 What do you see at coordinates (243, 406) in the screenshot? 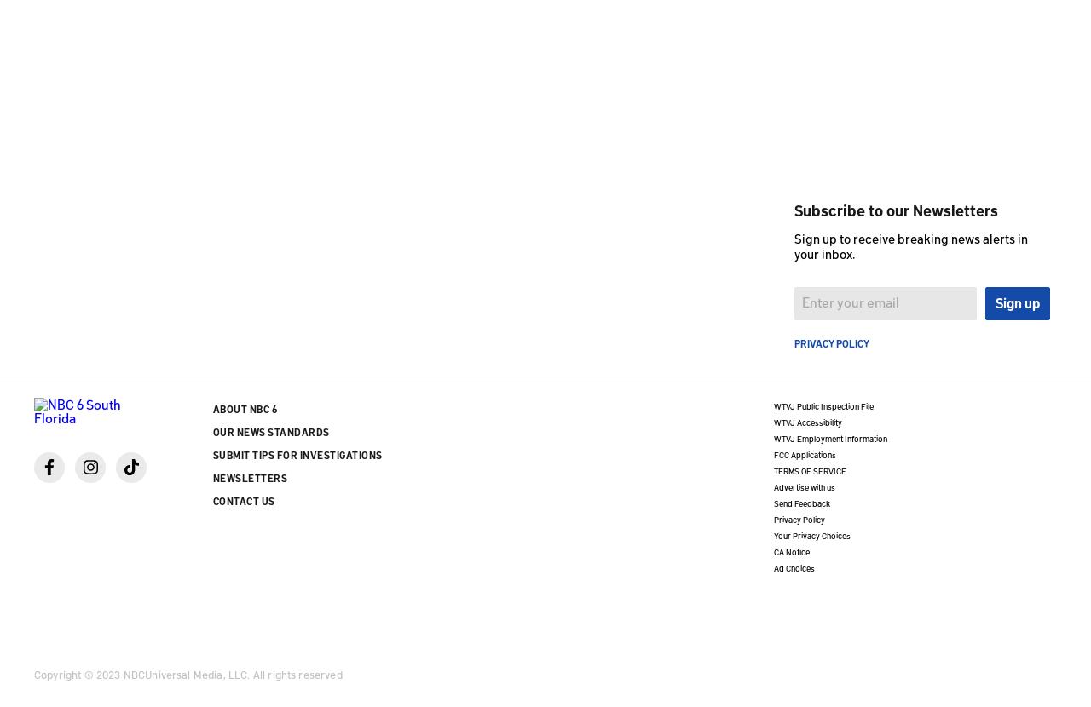
I see `'About NBC 6'` at bounding box center [243, 406].